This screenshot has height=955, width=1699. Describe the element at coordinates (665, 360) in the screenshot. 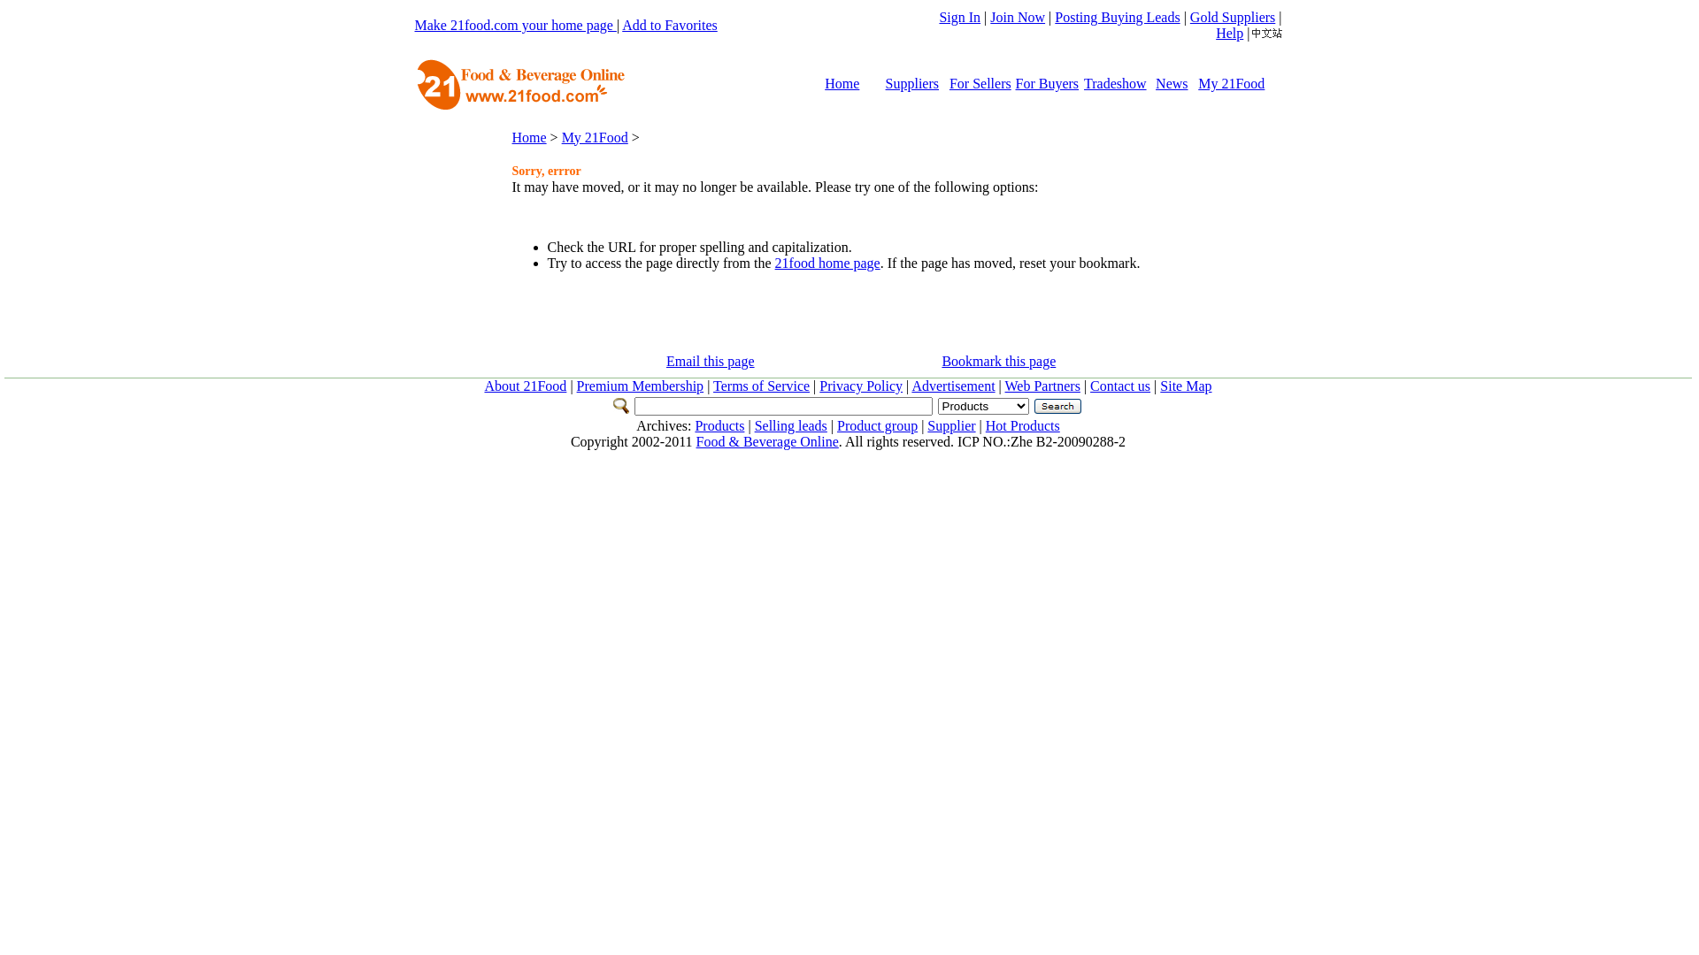

I see `'Email this page'` at that location.